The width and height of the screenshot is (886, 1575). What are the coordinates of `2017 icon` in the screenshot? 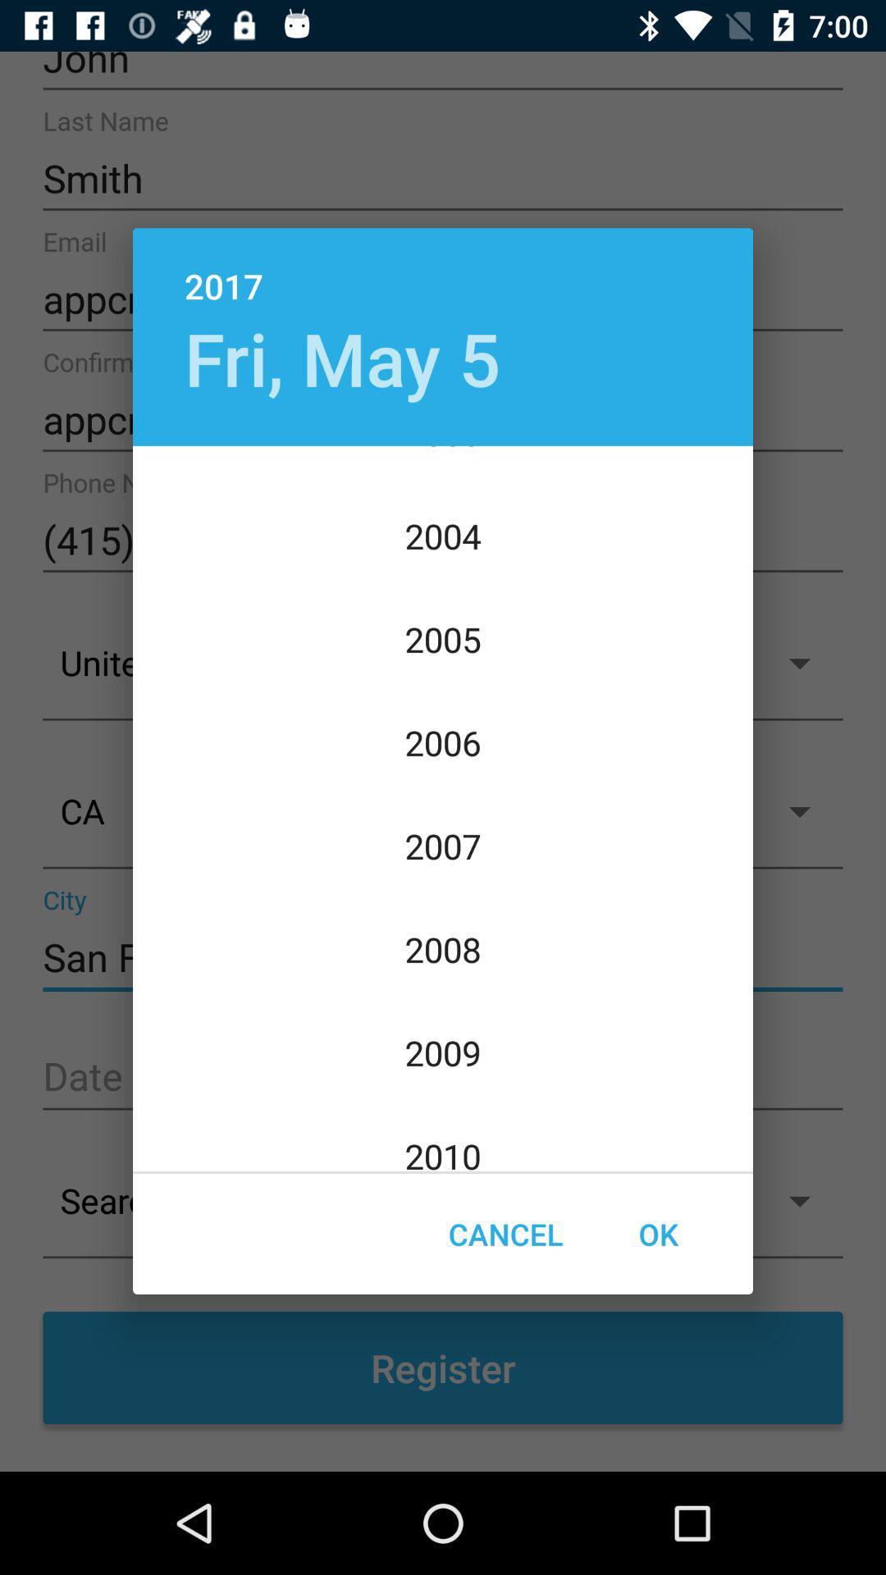 It's located at (443, 268).